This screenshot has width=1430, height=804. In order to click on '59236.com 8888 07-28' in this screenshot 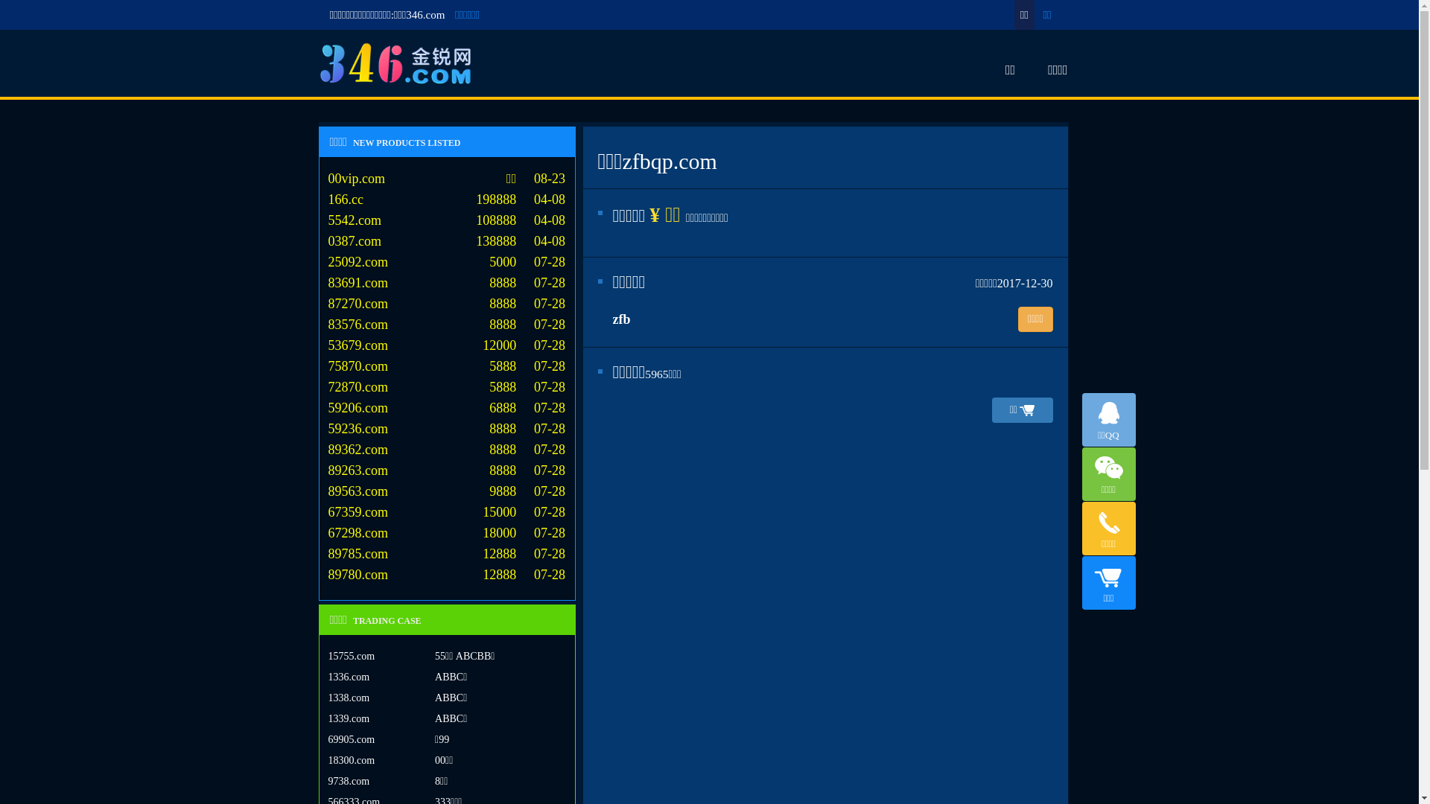, I will do `click(445, 434)`.